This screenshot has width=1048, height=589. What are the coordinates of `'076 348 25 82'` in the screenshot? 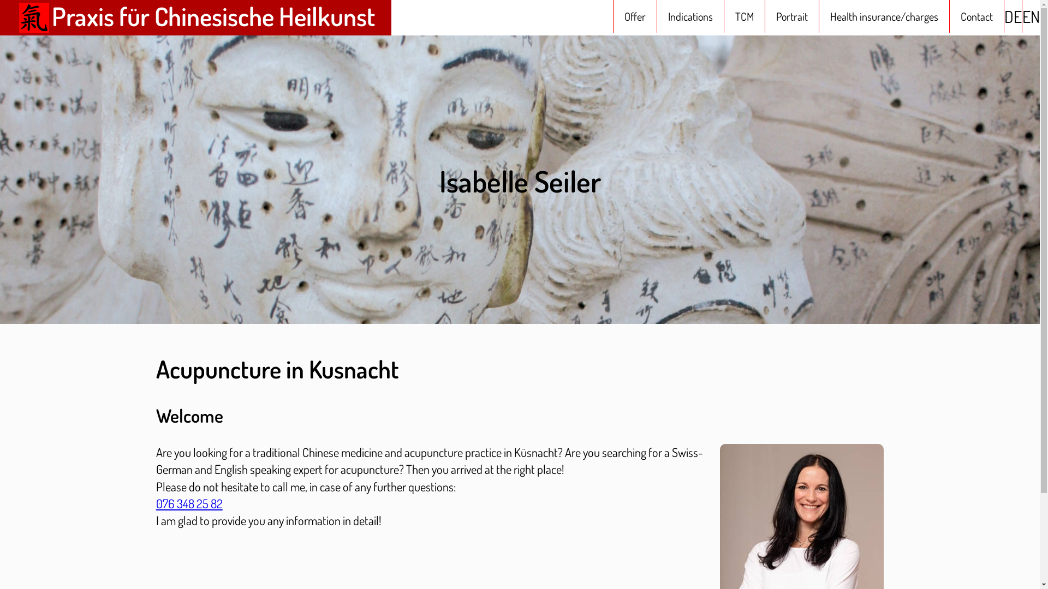 It's located at (156, 503).